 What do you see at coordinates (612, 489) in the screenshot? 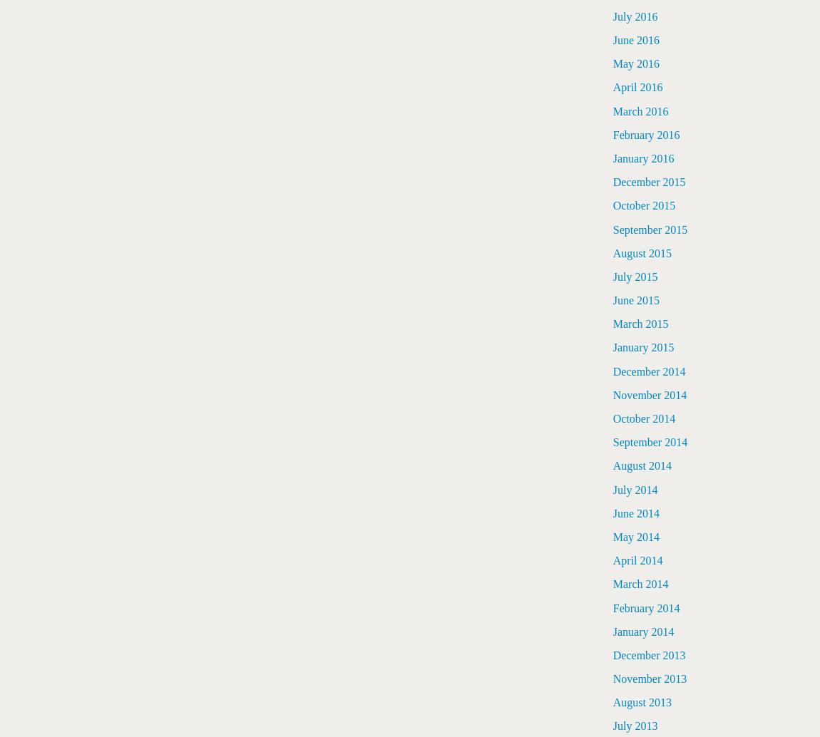
I see `'July 2014'` at bounding box center [612, 489].